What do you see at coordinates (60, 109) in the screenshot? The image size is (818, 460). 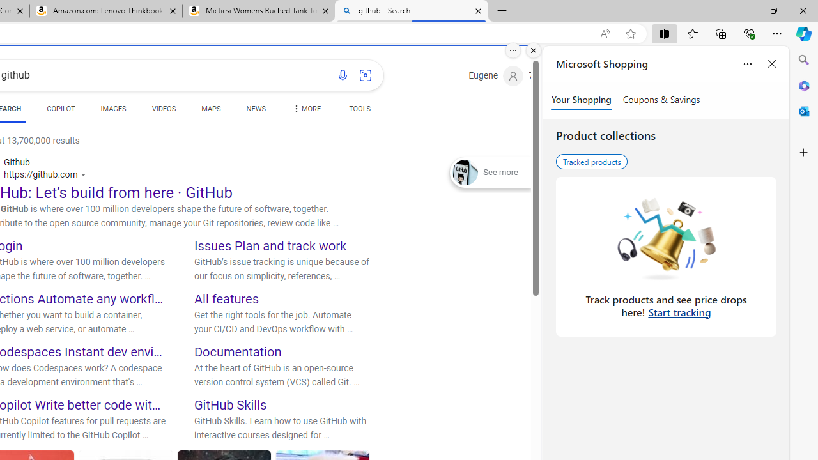 I see `'COPILOT'` at bounding box center [60, 109].